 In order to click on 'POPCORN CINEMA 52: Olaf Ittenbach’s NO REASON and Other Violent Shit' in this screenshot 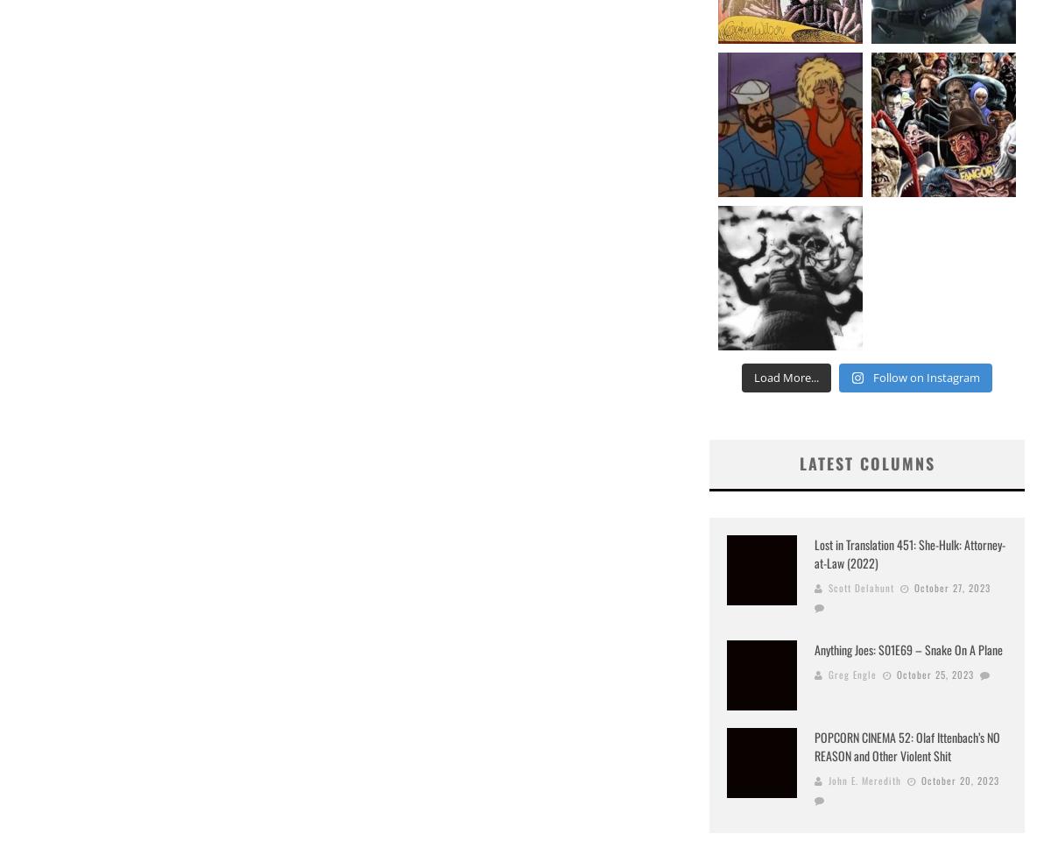, I will do `click(906, 746)`.